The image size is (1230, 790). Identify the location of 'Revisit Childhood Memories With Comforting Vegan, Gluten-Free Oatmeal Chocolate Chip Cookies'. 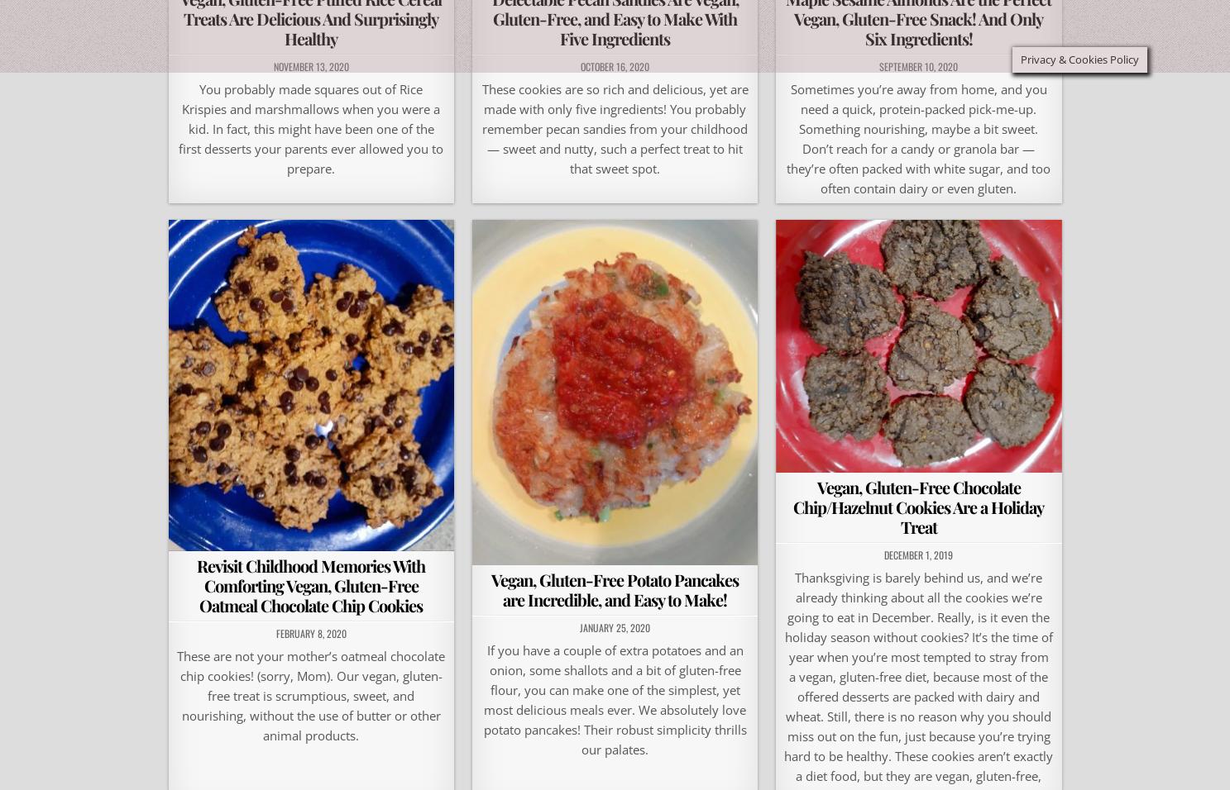
(311, 584).